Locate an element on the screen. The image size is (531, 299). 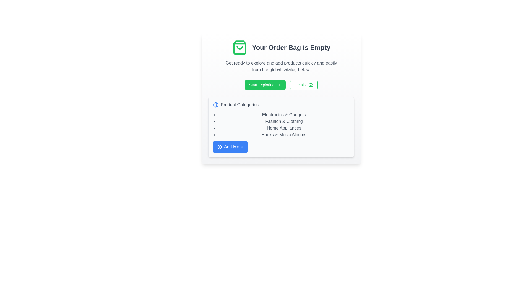
the bulleted list item is located at coordinates (281, 125).